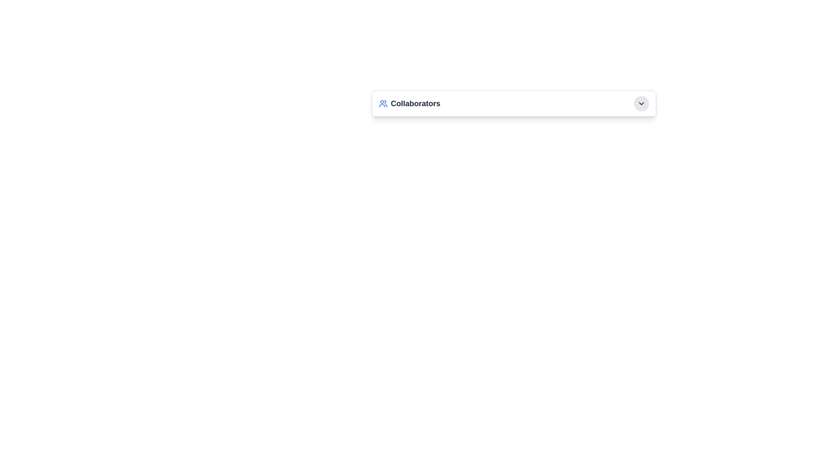 The height and width of the screenshot is (457, 813). What do you see at coordinates (409, 103) in the screenshot?
I see `the text label indicating collaborators or team members, located on the left side of the horizontal bar, next to a dropdown button` at bounding box center [409, 103].